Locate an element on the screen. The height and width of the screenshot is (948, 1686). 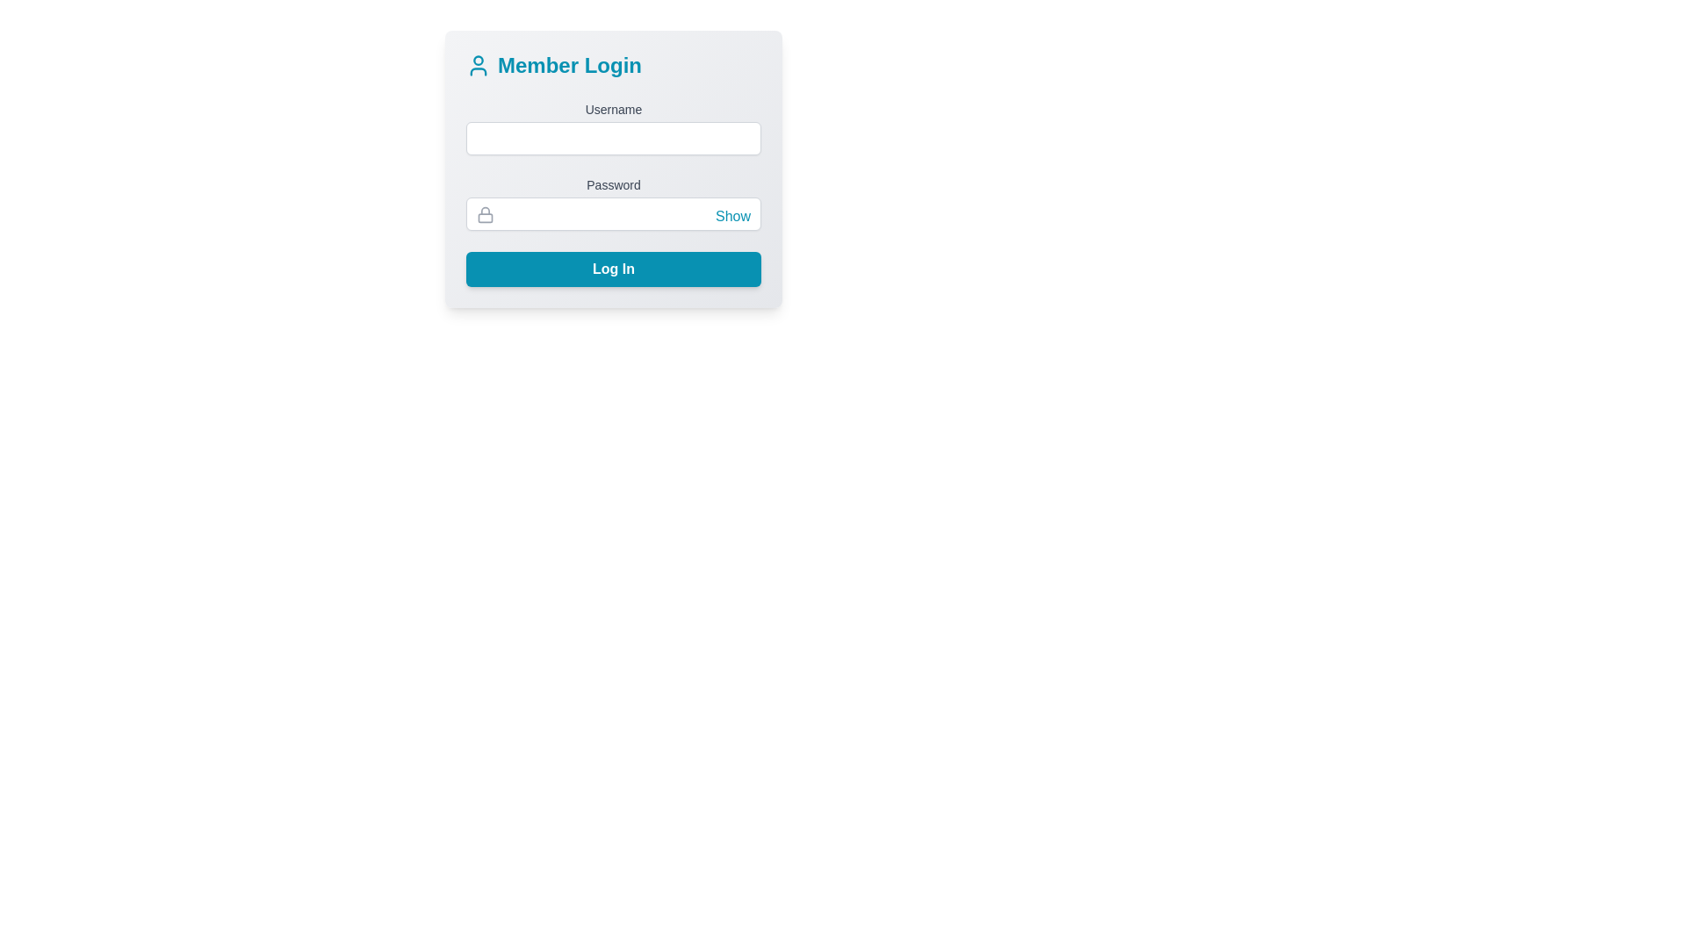
the 'Password' label, which is styled with a small font size and gray color, located above the password input field in the login form is located at coordinates (614, 185).